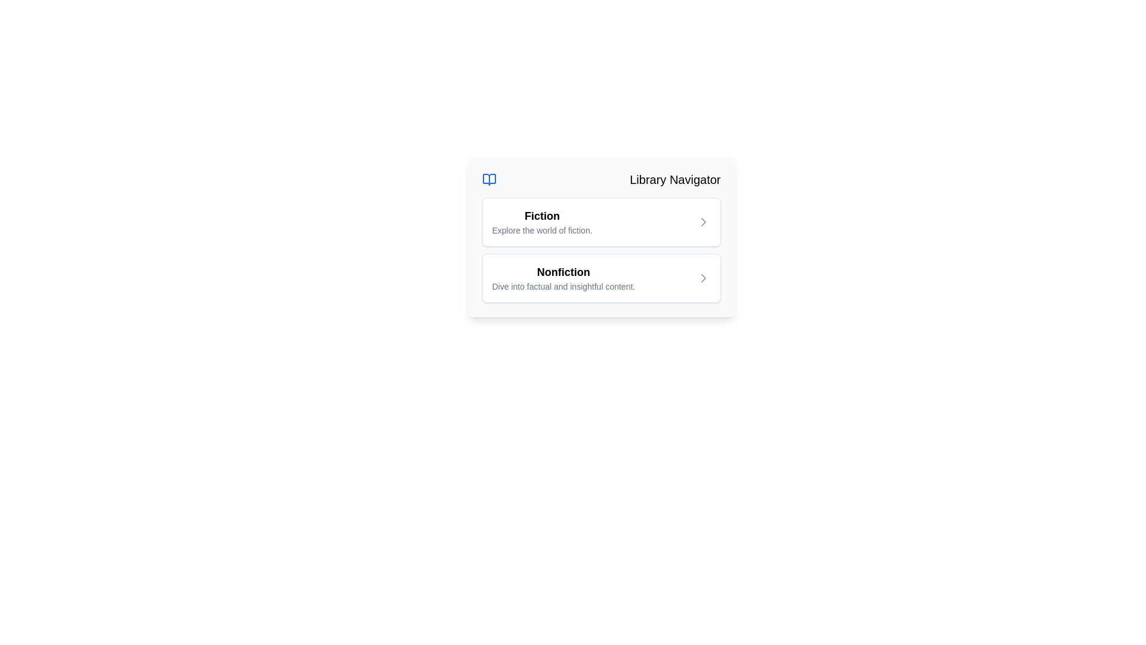 The width and height of the screenshot is (1146, 645). I want to click on the open book icon with blue strokes located to the far left in the header bar of the 'Library Navigator' section, so click(489, 179).